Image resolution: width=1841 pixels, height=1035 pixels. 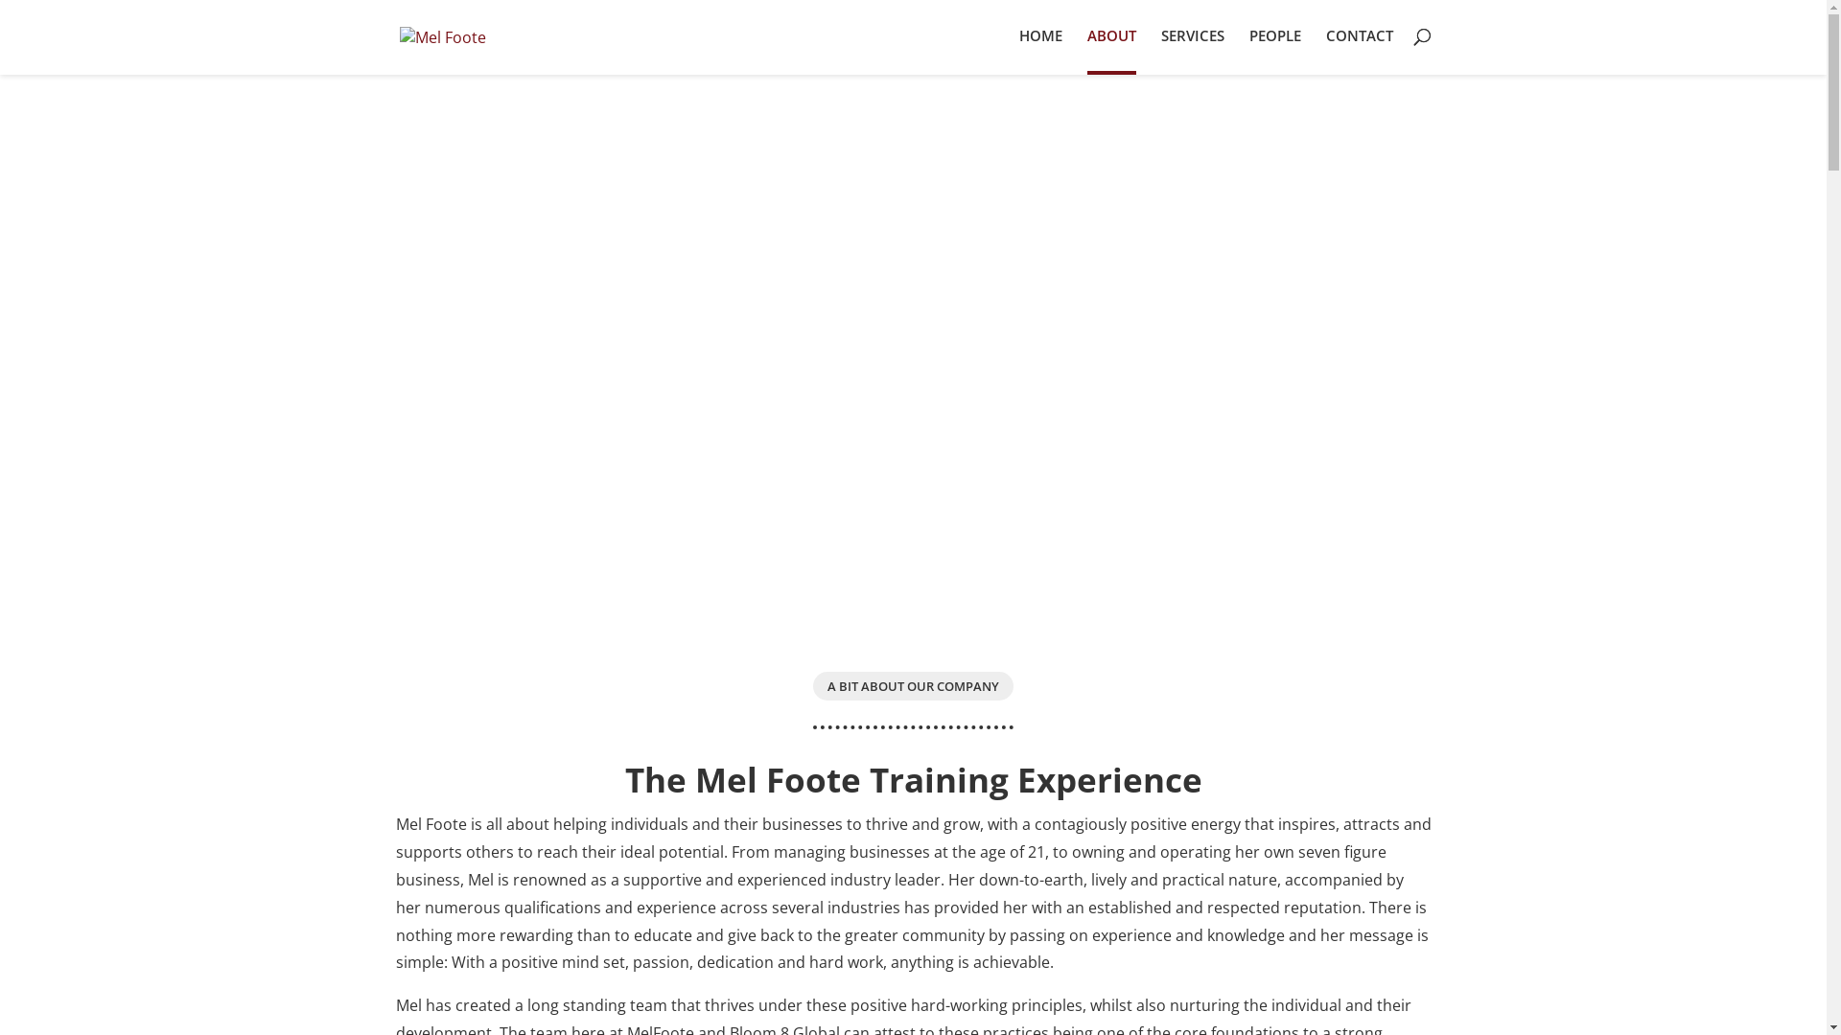 I want to click on 'PEOPLE', so click(x=1274, y=48).